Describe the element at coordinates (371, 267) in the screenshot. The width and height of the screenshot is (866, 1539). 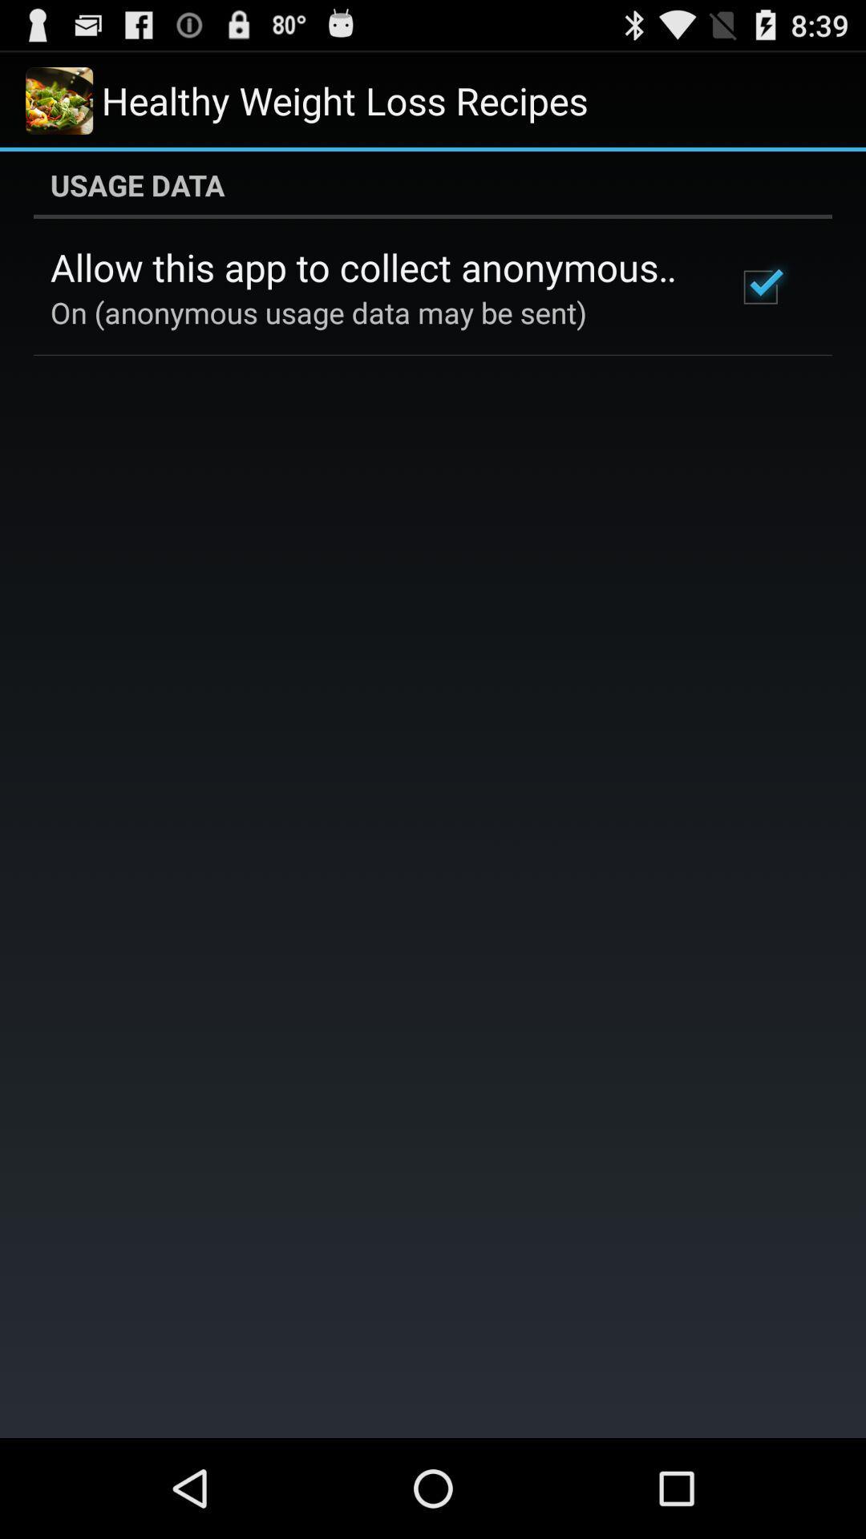
I see `icon above on anonymous usage app` at that location.